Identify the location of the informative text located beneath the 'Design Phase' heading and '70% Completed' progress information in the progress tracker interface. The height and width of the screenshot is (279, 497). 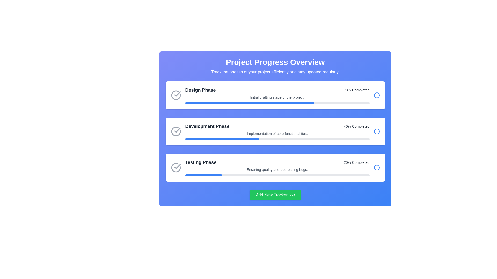
(277, 97).